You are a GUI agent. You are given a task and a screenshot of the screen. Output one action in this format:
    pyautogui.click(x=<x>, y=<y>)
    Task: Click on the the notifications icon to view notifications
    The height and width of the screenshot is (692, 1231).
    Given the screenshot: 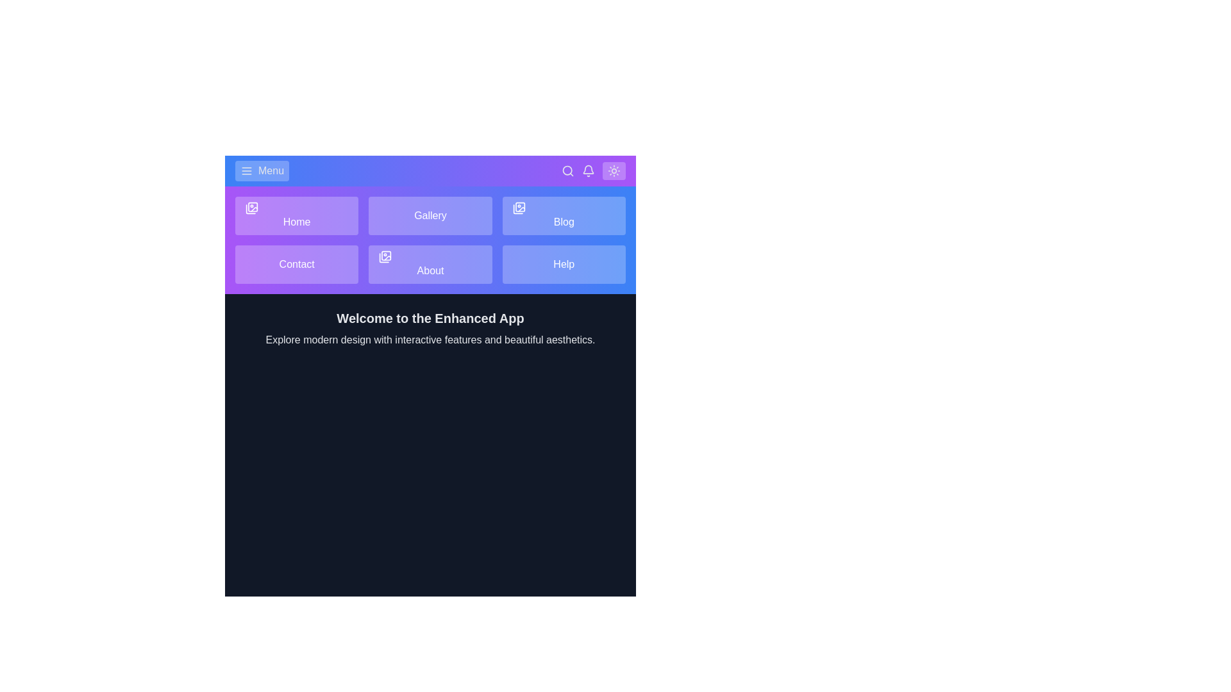 What is the action you would take?
    pyautogui.click(x=587, y=170)
    